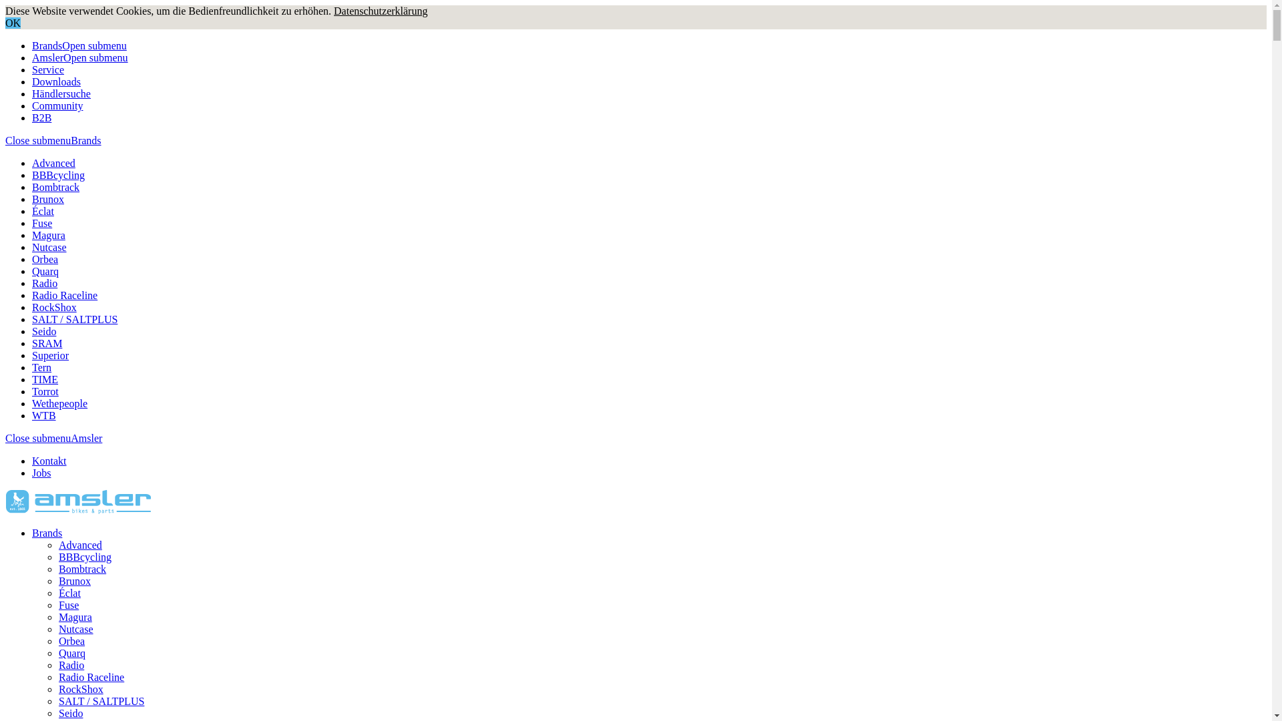 The width and height of the screenshot is (1282, 721). Describe the element at coordinates (5, 23) in the screenshot. I see `'OK'` at that location.